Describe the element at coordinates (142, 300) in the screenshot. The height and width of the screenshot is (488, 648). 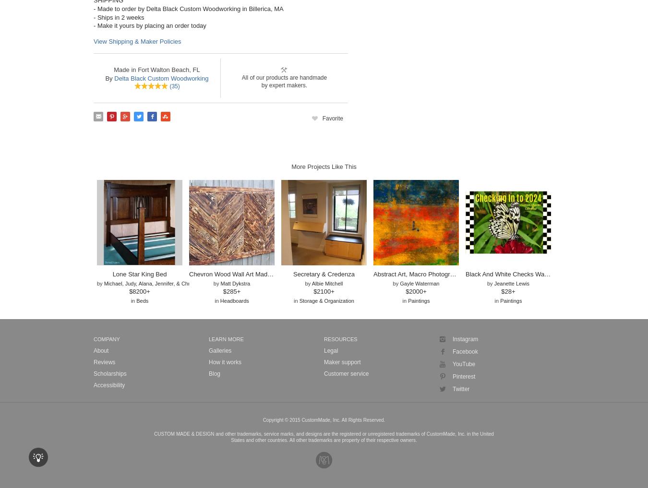
I see `'Beds'` at that location.